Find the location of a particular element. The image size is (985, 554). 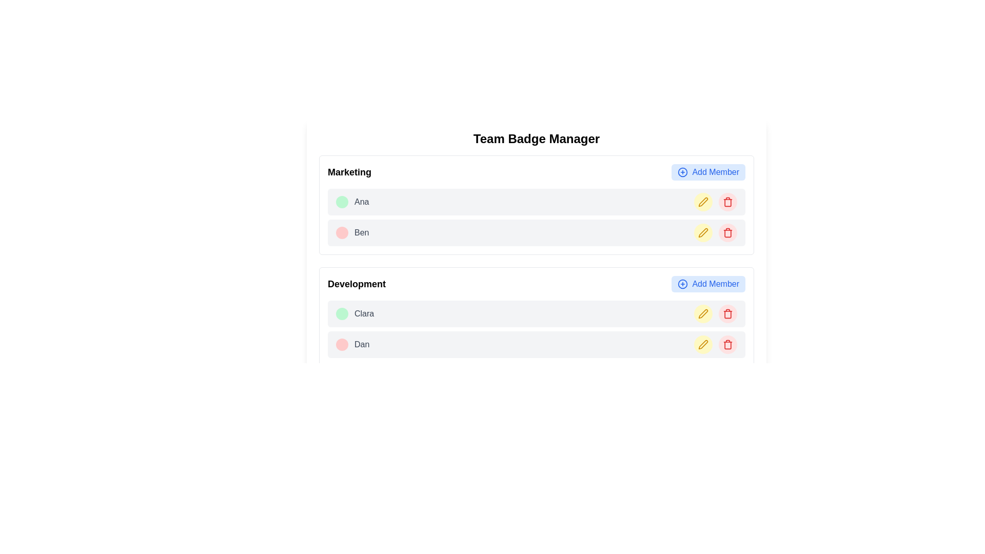

the edit button located in the Marketing section next to the name 'Ben' to initiate editing is located at coordinates (703, 202).